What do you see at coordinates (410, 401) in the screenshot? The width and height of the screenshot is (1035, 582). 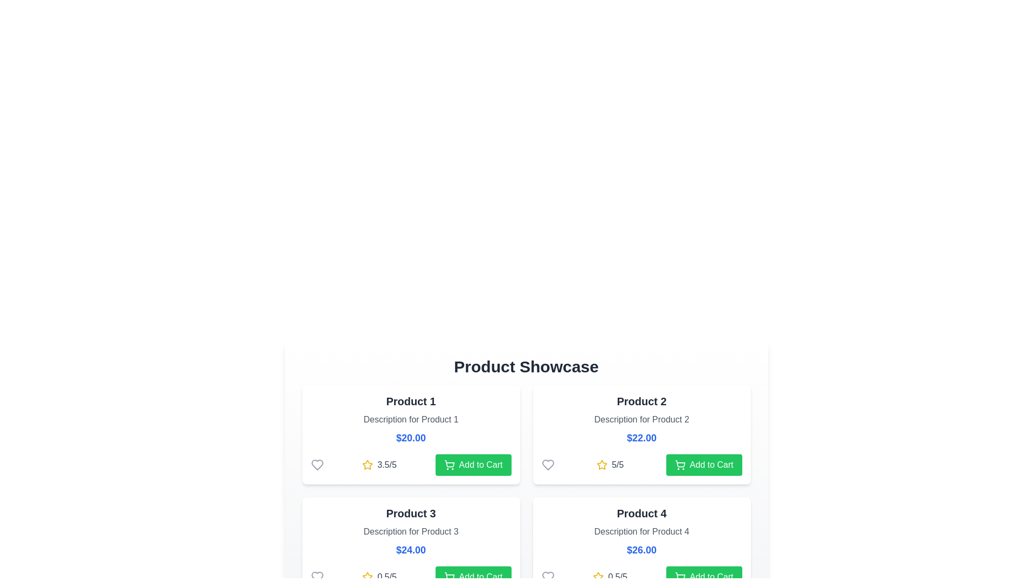 I see `the text label displaying 'Product 1' which is bold and large, positioned at the top of the first product card in the grid layout under 'Product Showcase'` at bounding box center [410, 401].